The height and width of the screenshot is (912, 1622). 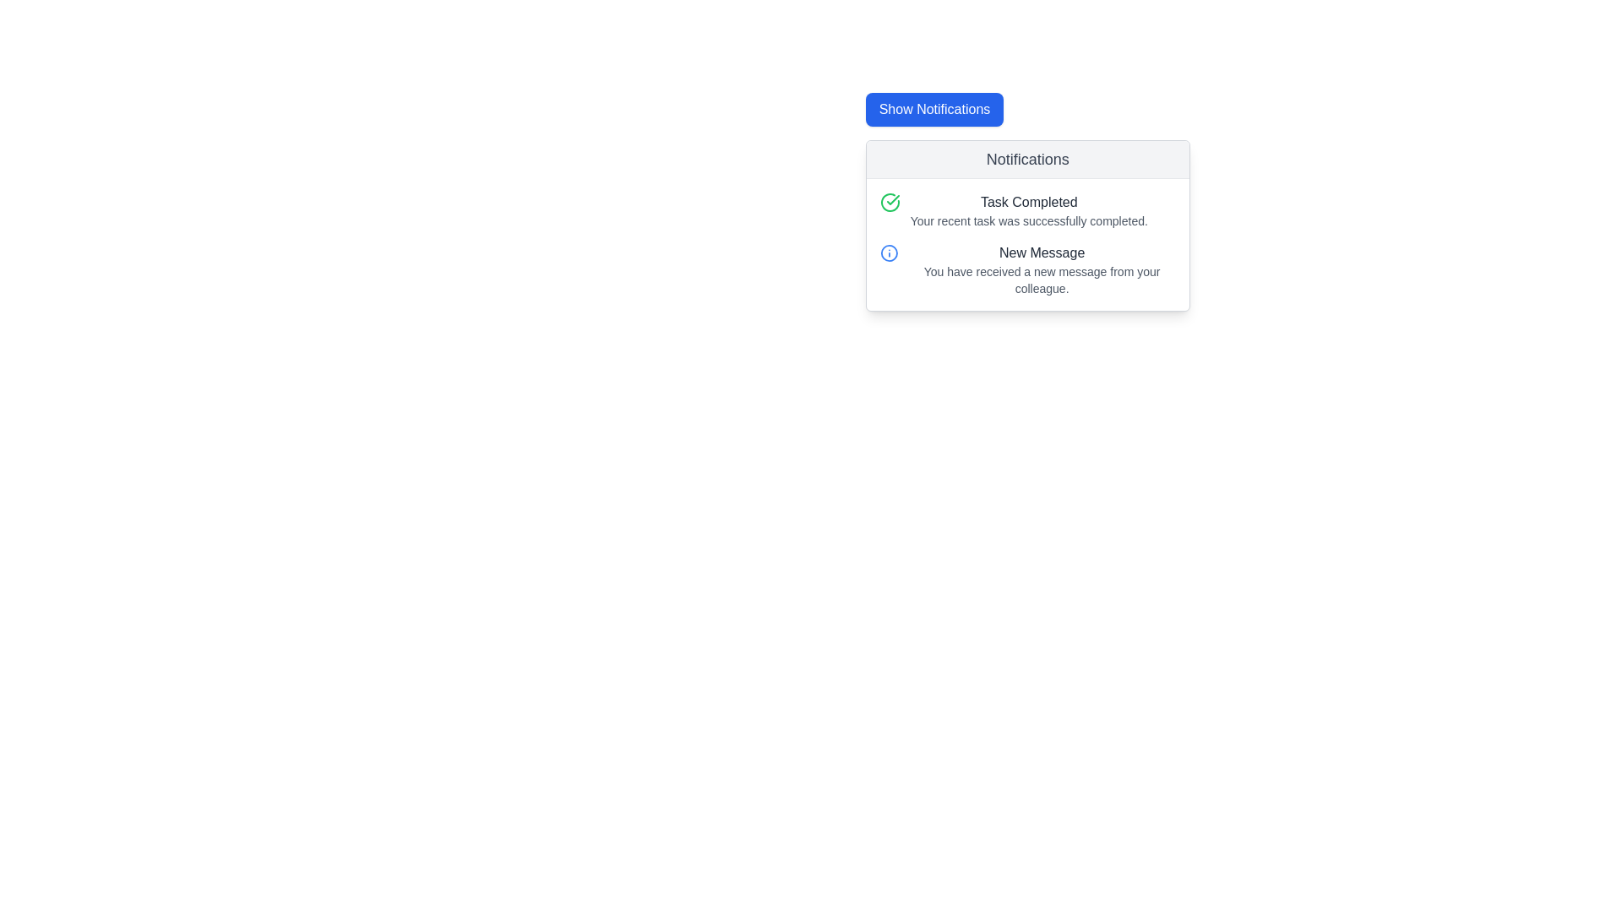 I want to click on the 'Notifications' text element, which is styled with a medium-sized gray font and serves as a section header located at the top center of a card layout, positioned below a blue button labeled 'Show Notifications', so click(x=1026, y=160).